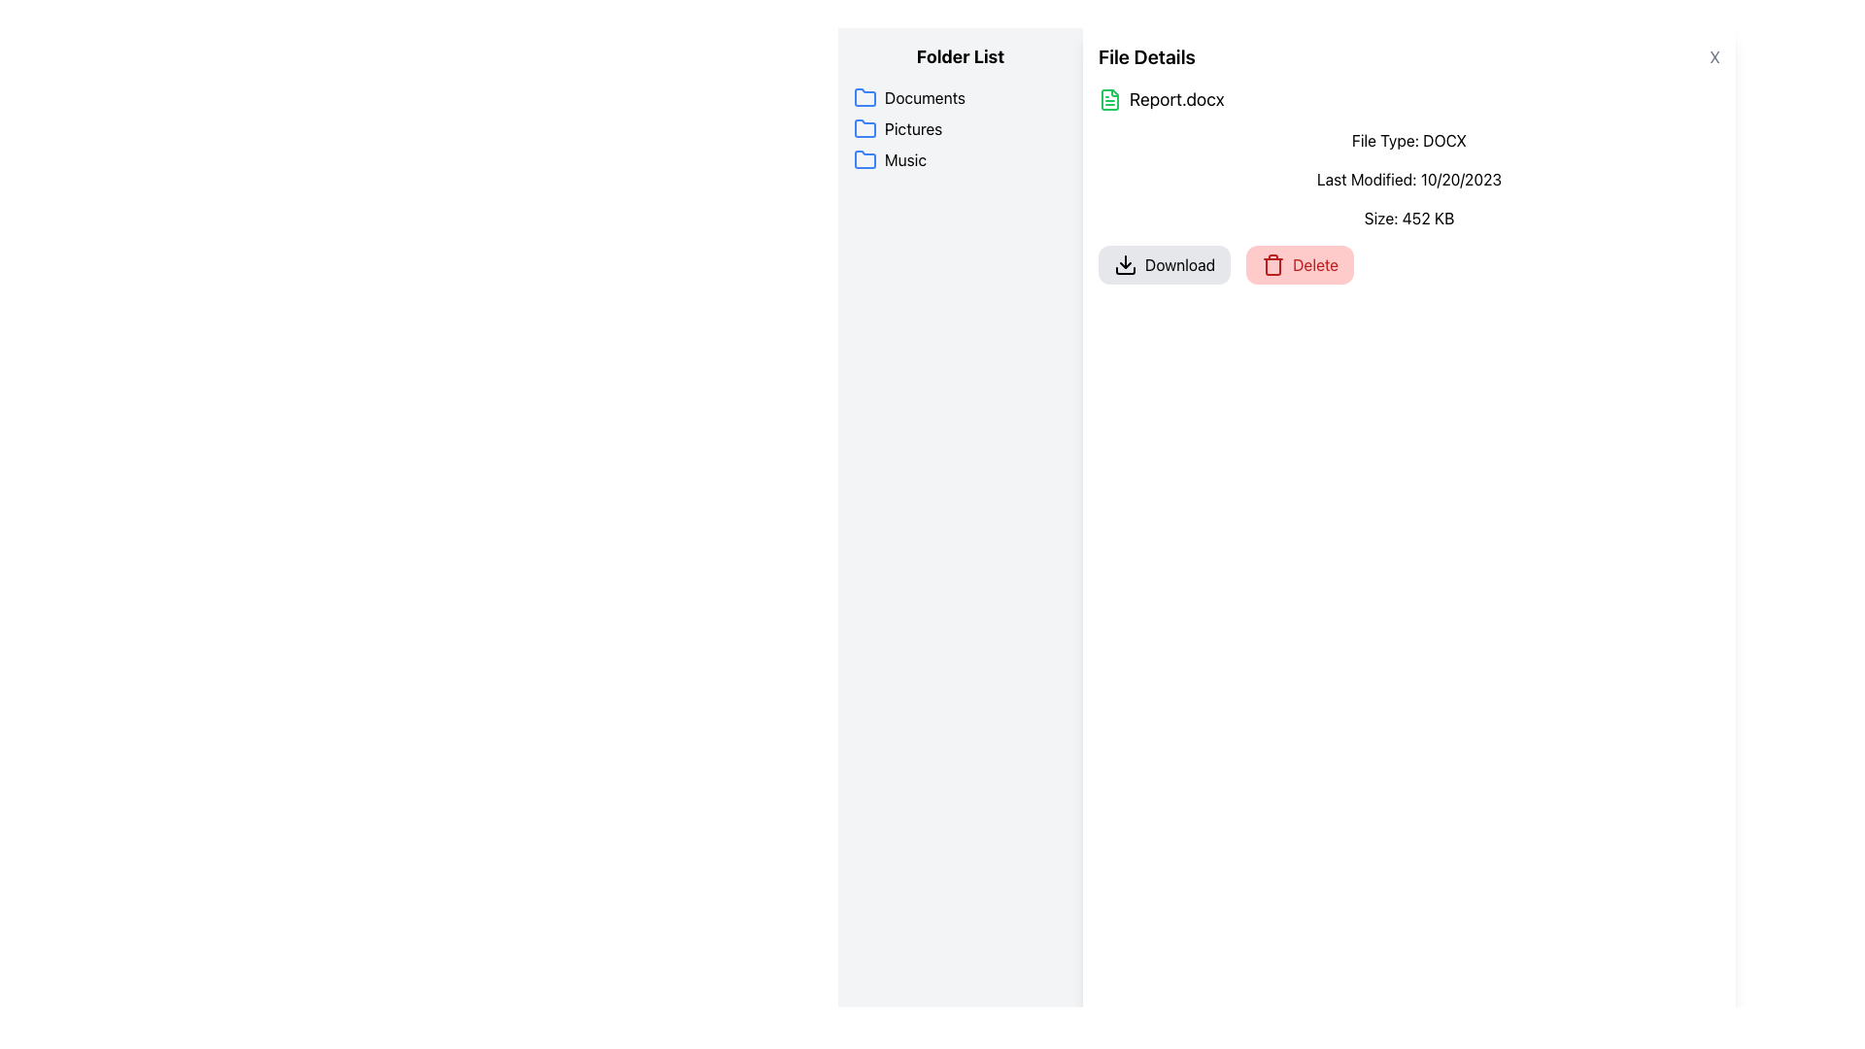 The image size is (1865, 1049). I want to click on the 'Pictures' text label in the left-side navigation list, so click(912, 128).